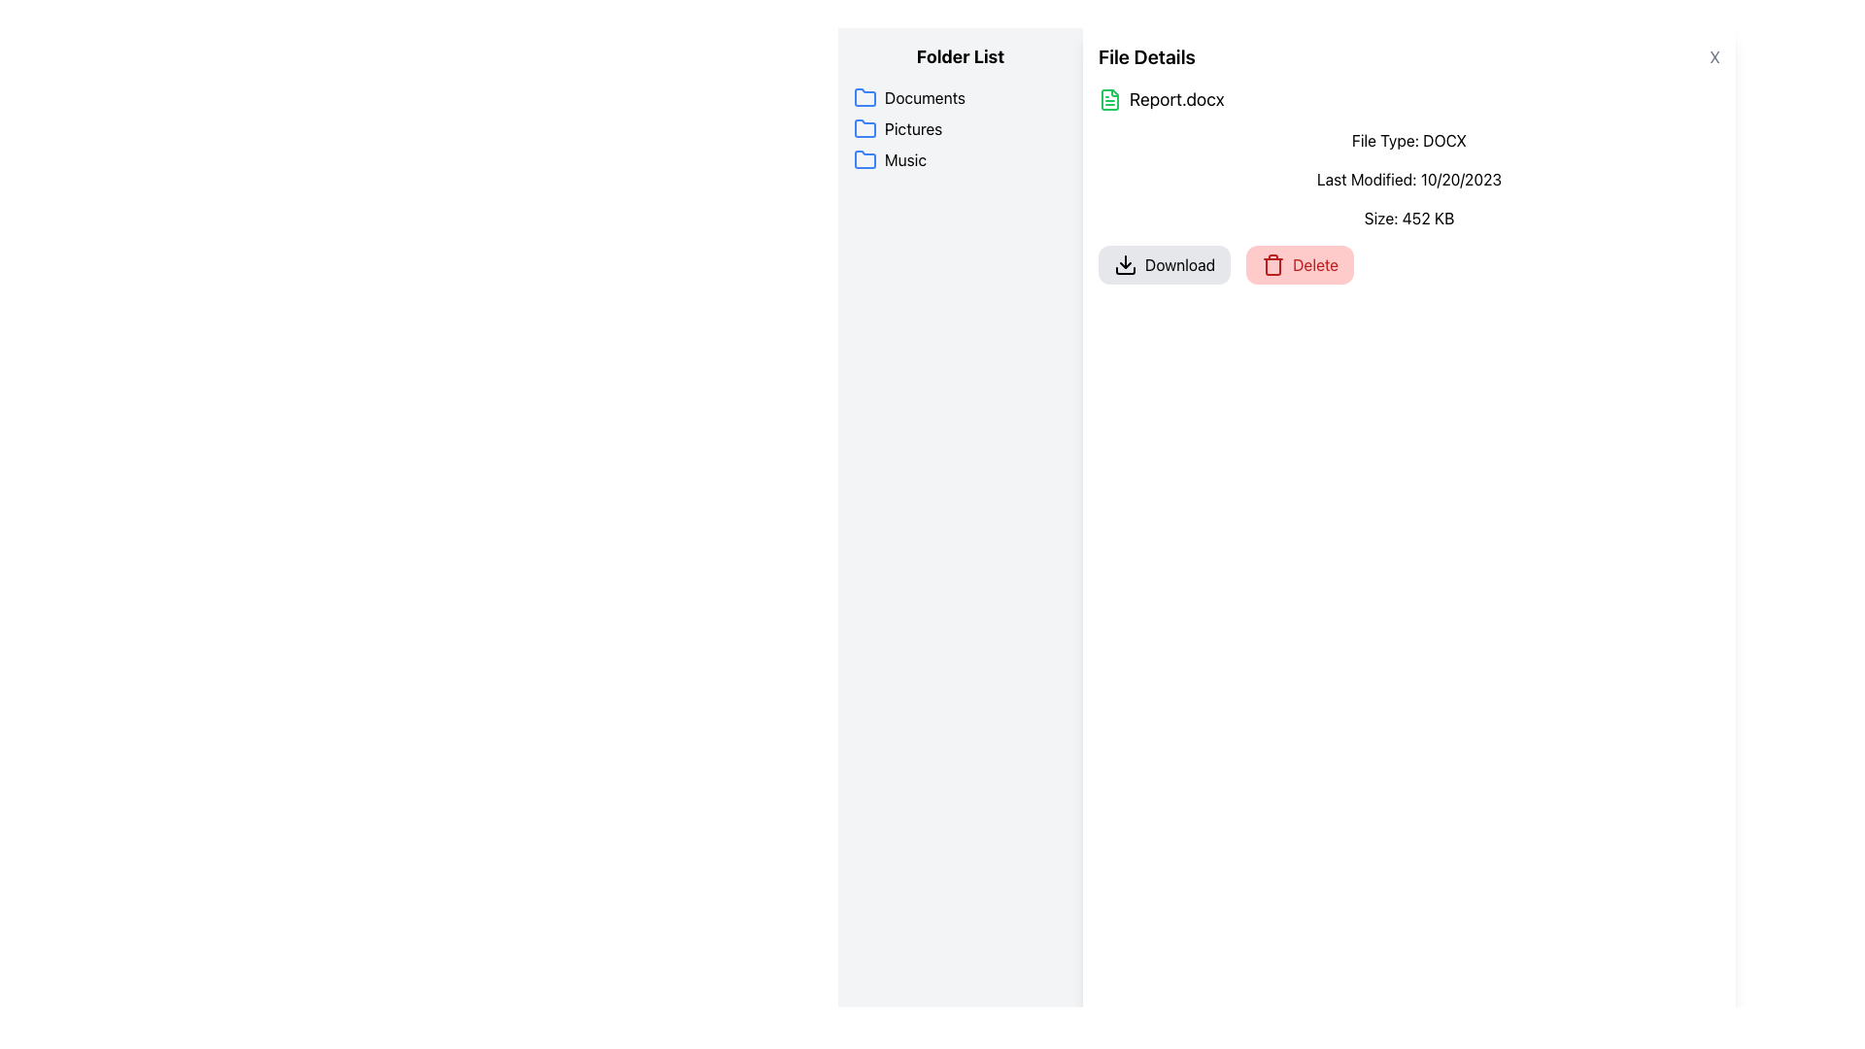 The image size is (1865, 1049). I want to click on the 'Pictures' text label in the left-side navigation list, so click(912, 128).